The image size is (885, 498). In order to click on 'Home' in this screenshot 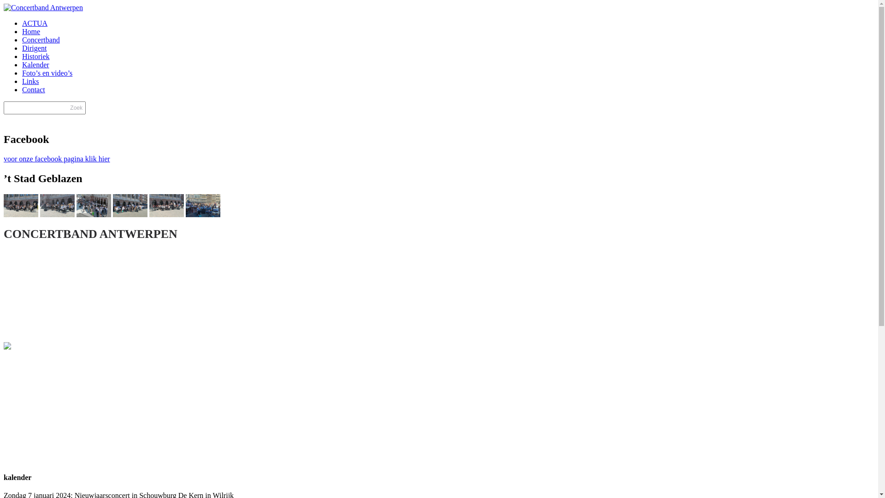, I will do `click(31, 31)`.